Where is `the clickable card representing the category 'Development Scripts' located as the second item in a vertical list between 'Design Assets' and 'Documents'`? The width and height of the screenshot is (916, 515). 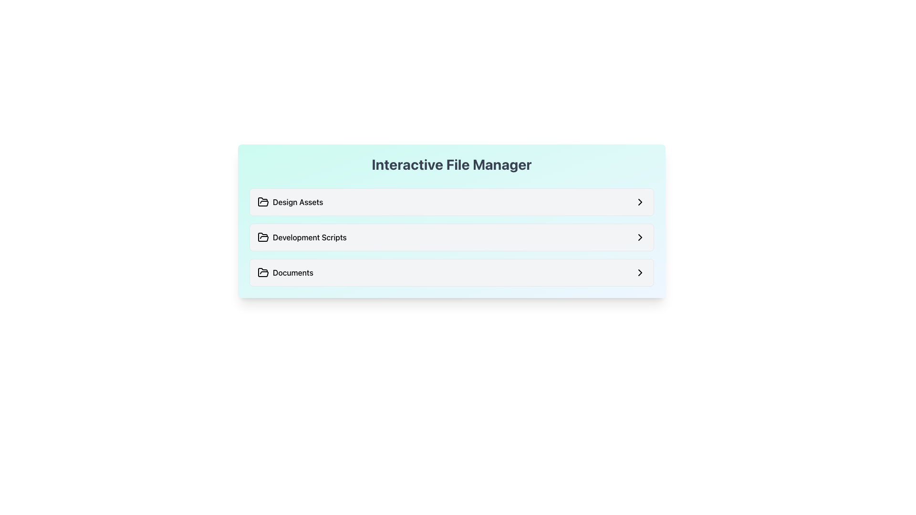
the clickable card representing the category 'Development Scripts' located as the second item in a vertical list between 'Design Assets' and 'Documents' is located at coordinates (451, 237).